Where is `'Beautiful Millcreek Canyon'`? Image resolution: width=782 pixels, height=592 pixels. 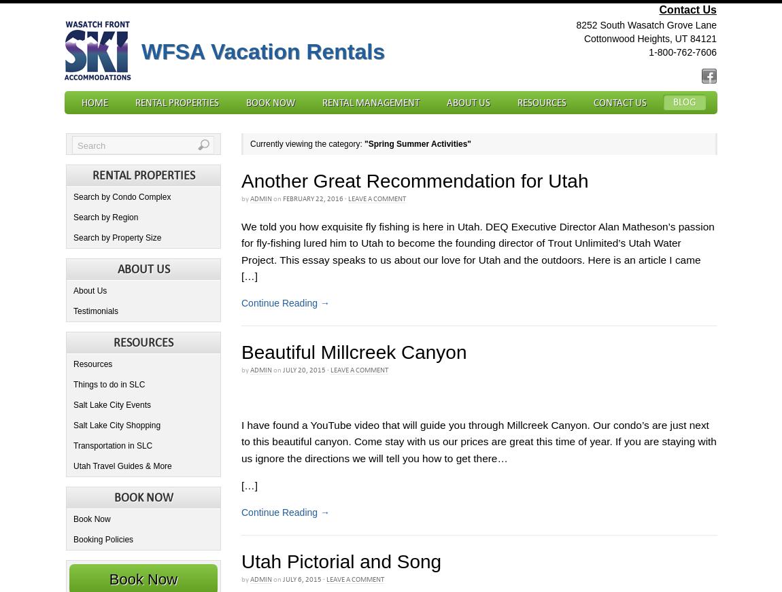 'Beautiful Millcreek Canyon' is located at coordinates (354, 352).